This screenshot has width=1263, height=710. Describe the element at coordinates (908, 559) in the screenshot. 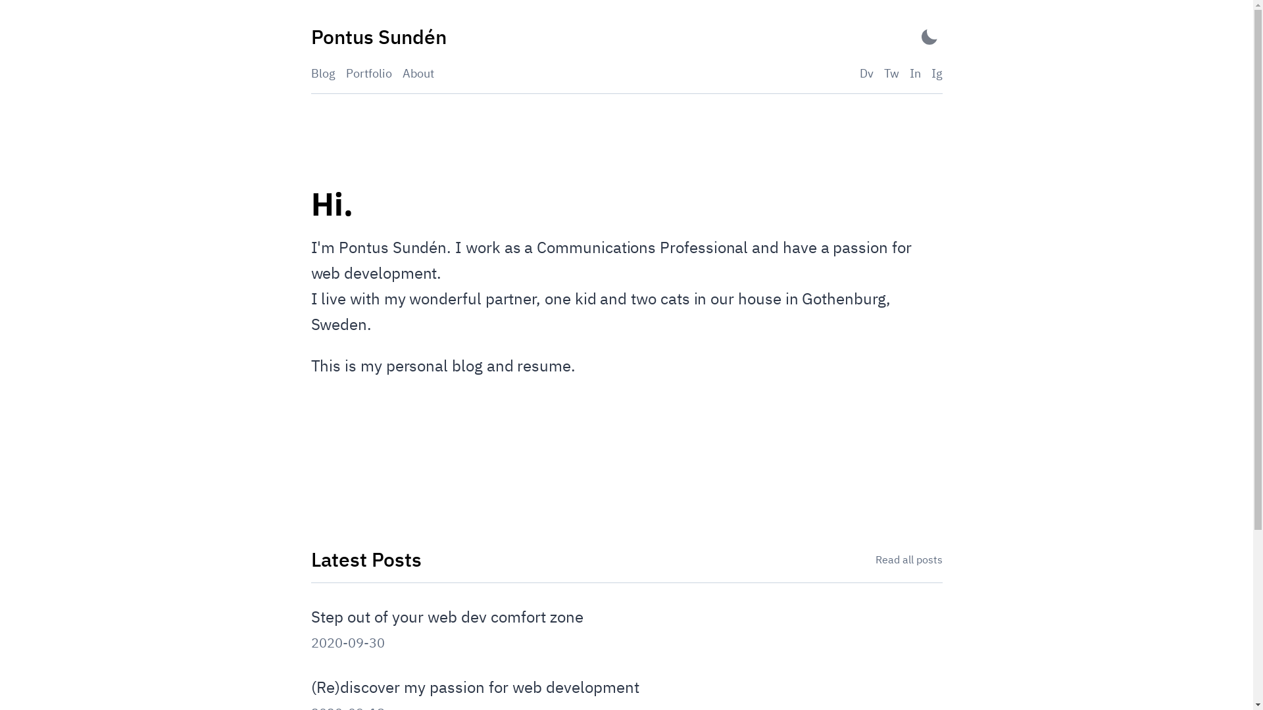

I see `'Read all posts'` at that location.